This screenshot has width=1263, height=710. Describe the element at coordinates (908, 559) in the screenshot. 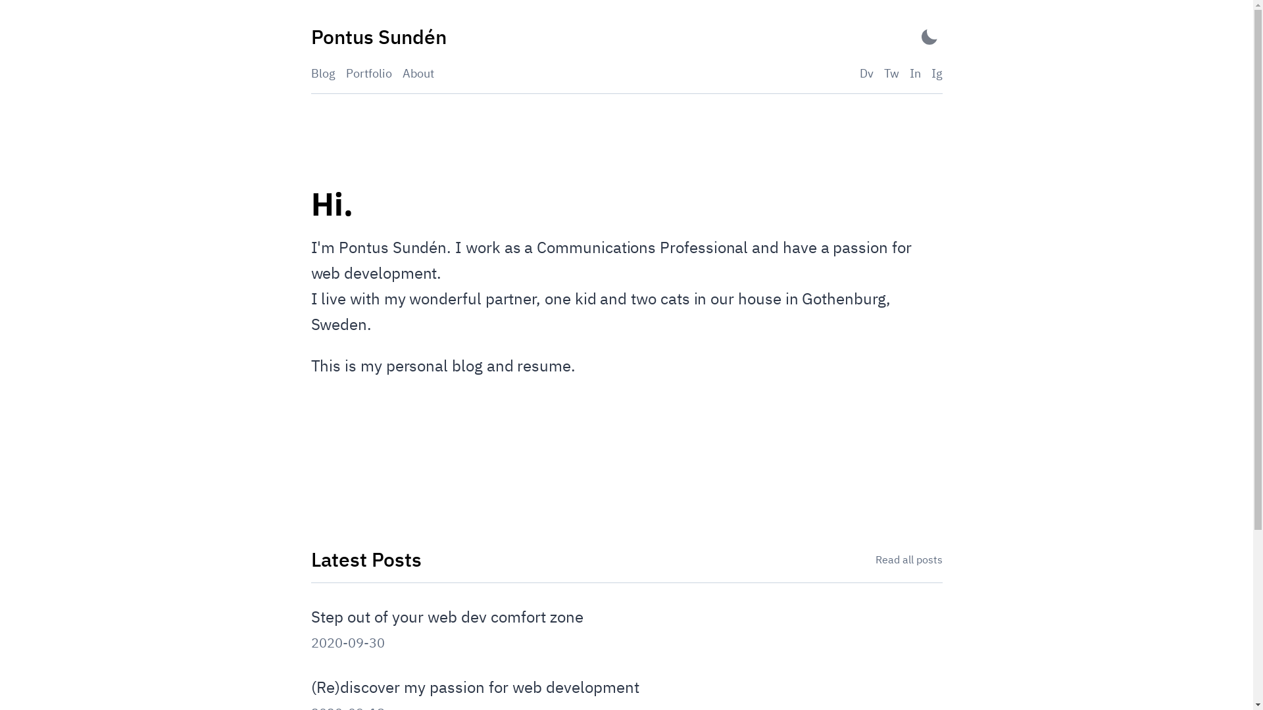

I see `'Read all posts'` at that location.